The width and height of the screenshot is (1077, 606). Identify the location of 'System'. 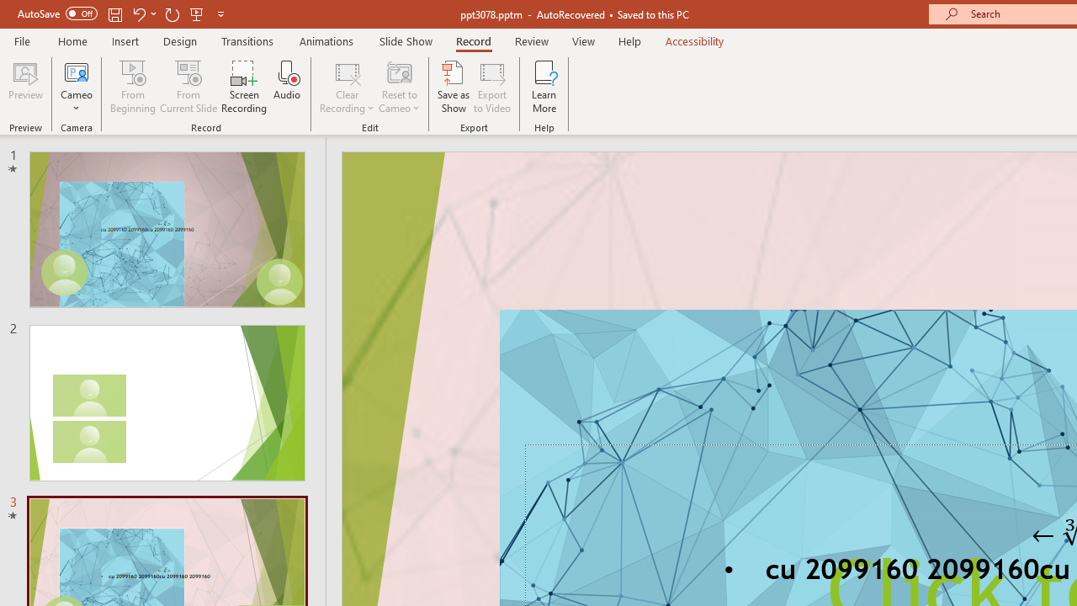
(8, 9).